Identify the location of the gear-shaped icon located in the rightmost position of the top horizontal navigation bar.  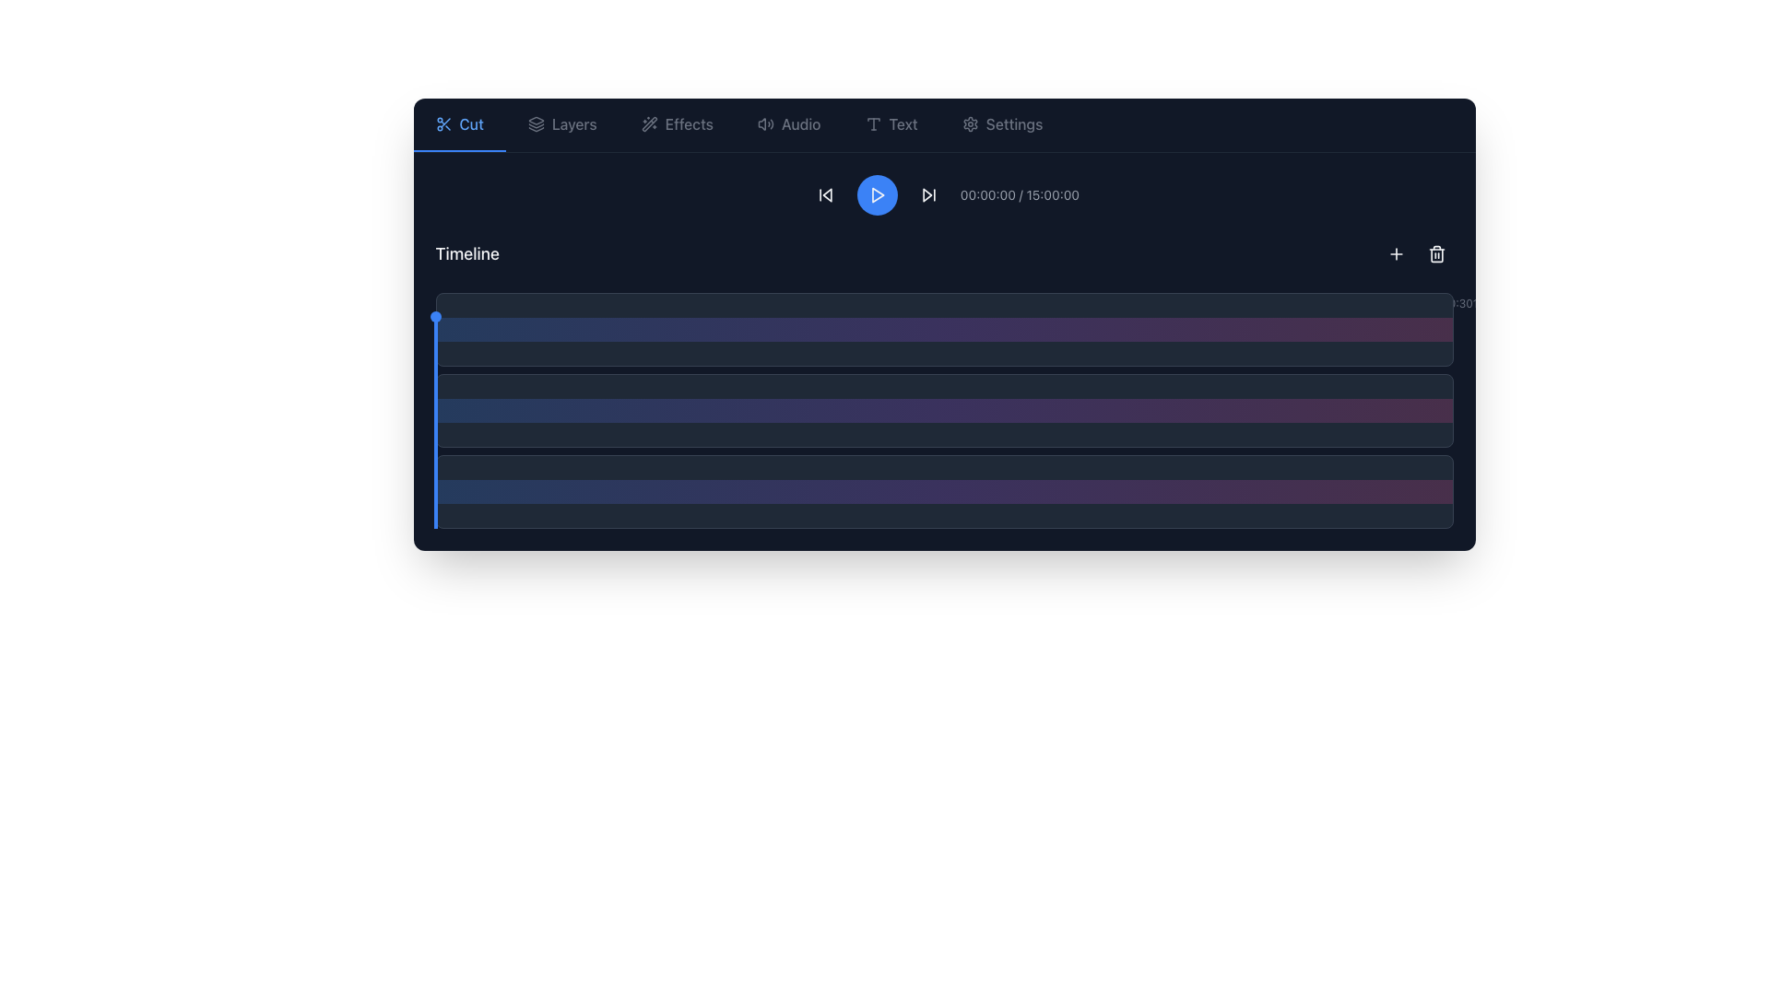
(969, 124).